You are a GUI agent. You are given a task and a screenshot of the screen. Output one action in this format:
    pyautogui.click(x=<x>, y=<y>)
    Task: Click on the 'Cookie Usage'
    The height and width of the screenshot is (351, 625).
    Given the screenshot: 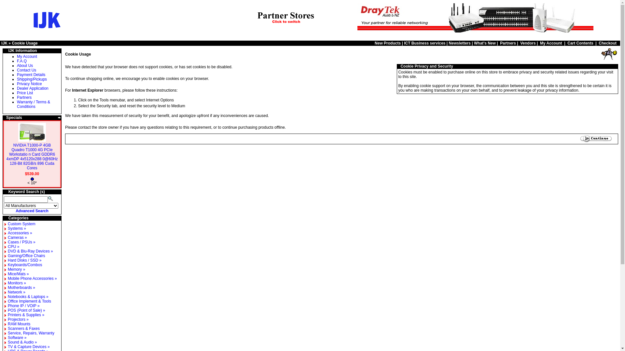 What is the action you would take?
    pyautogui.click(x=24, y=43)
    